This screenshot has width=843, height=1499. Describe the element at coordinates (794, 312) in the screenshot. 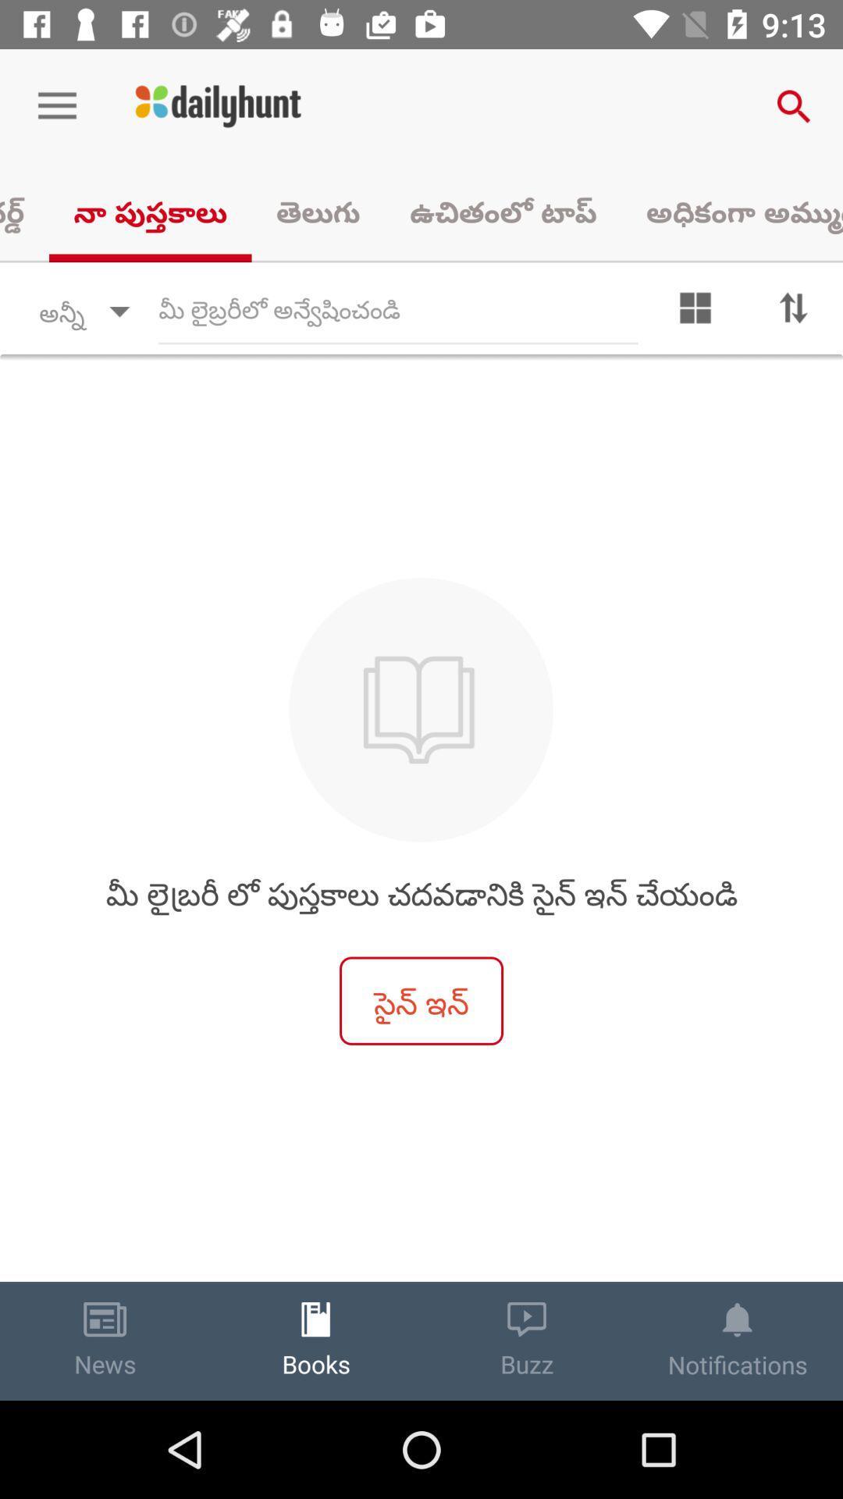

I see `navigate up or down` at that location.